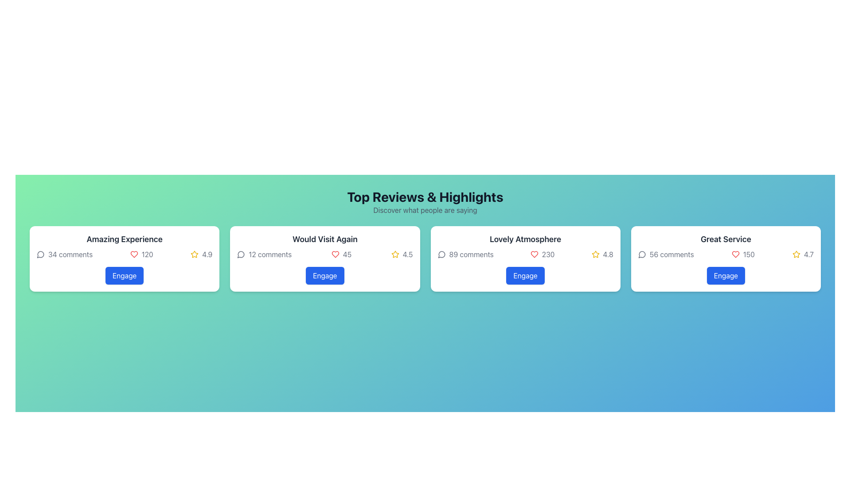 This screenshot has width=851, height=478. Describe the element at coordinates (748, 254) in the screenshot. I see `the Text Label indicating the count associated with the heart icon, located in the bottom-right section of the 'Great Service' card` at that location.